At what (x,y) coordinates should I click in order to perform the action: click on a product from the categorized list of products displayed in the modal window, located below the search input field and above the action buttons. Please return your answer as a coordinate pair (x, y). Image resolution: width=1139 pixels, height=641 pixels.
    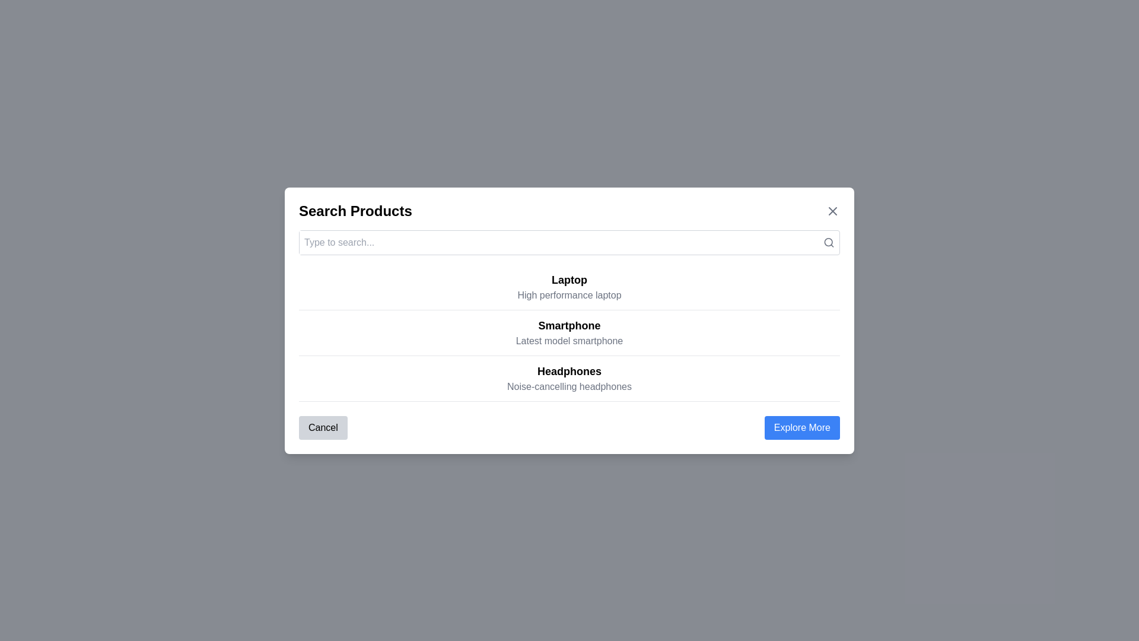
    Looking at the image, I should click on (569, 332).